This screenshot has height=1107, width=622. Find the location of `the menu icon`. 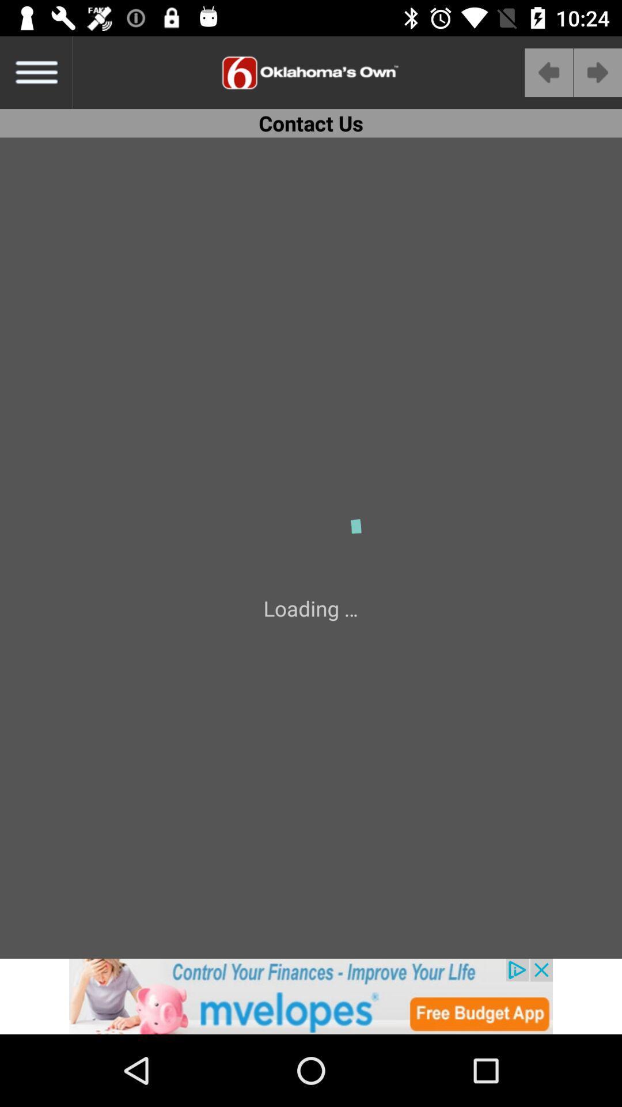

the menu icon is located at coordinates (35, 71).